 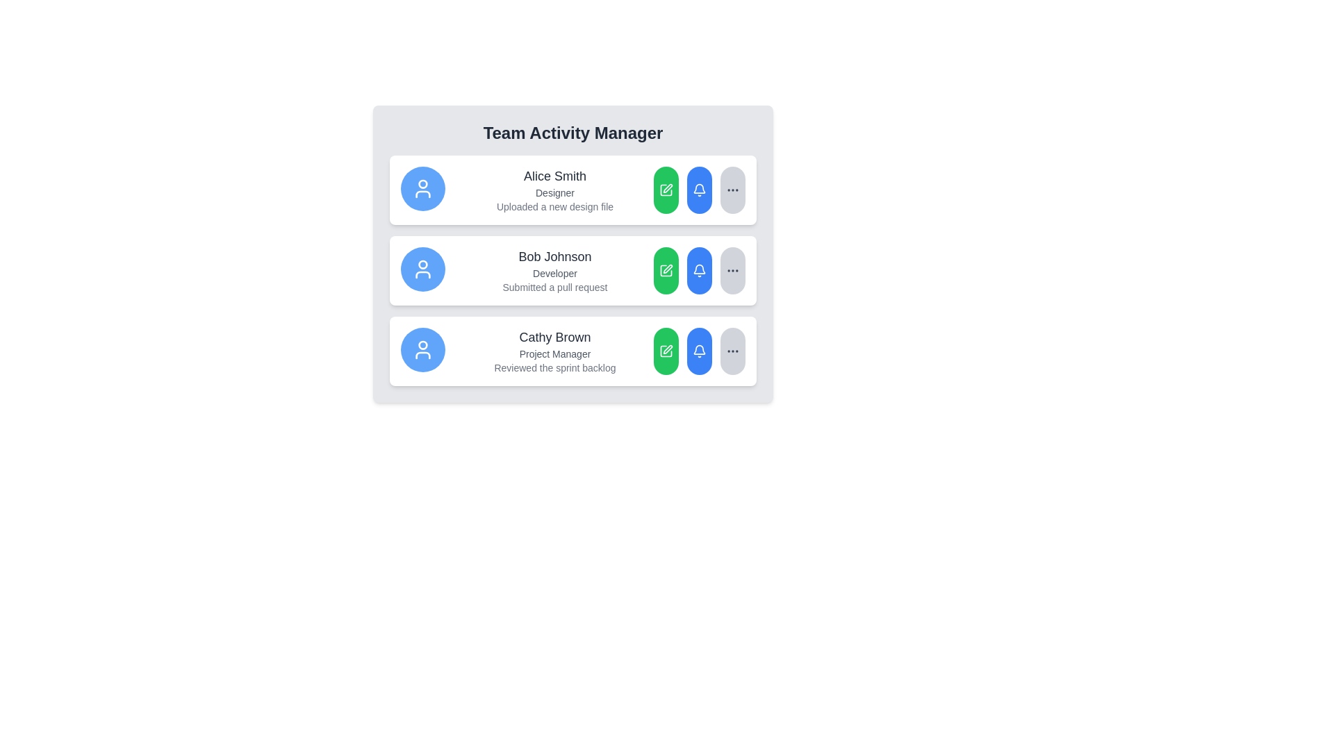 What do you see at coordinates (732, 190) in the screenshot?
I see `the 'more options' icon located at the far right side of the second row in the user activity display` at bounding box center [732, 190].